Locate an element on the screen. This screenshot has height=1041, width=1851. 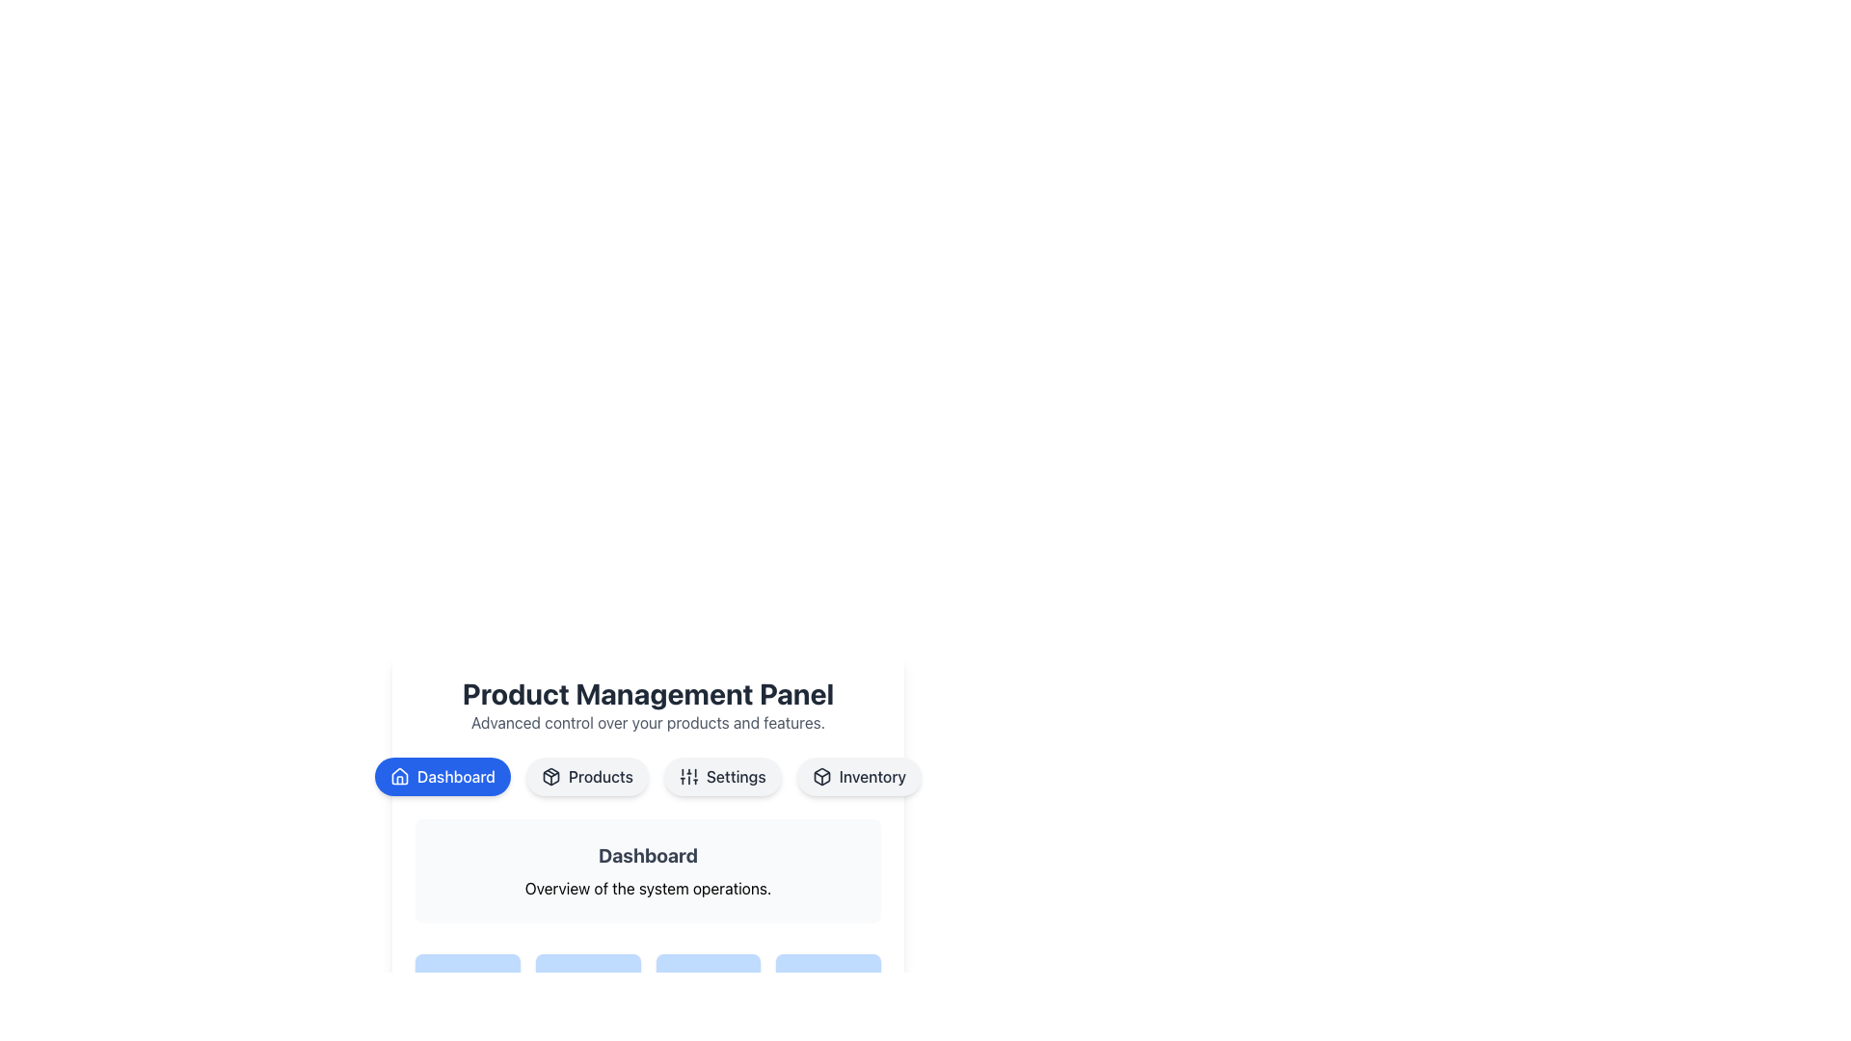
the Textual Header displaying 'Product Management Panel' with the subtitle 'Advanced control over your products and features.' is located at coordinates (648, 706).